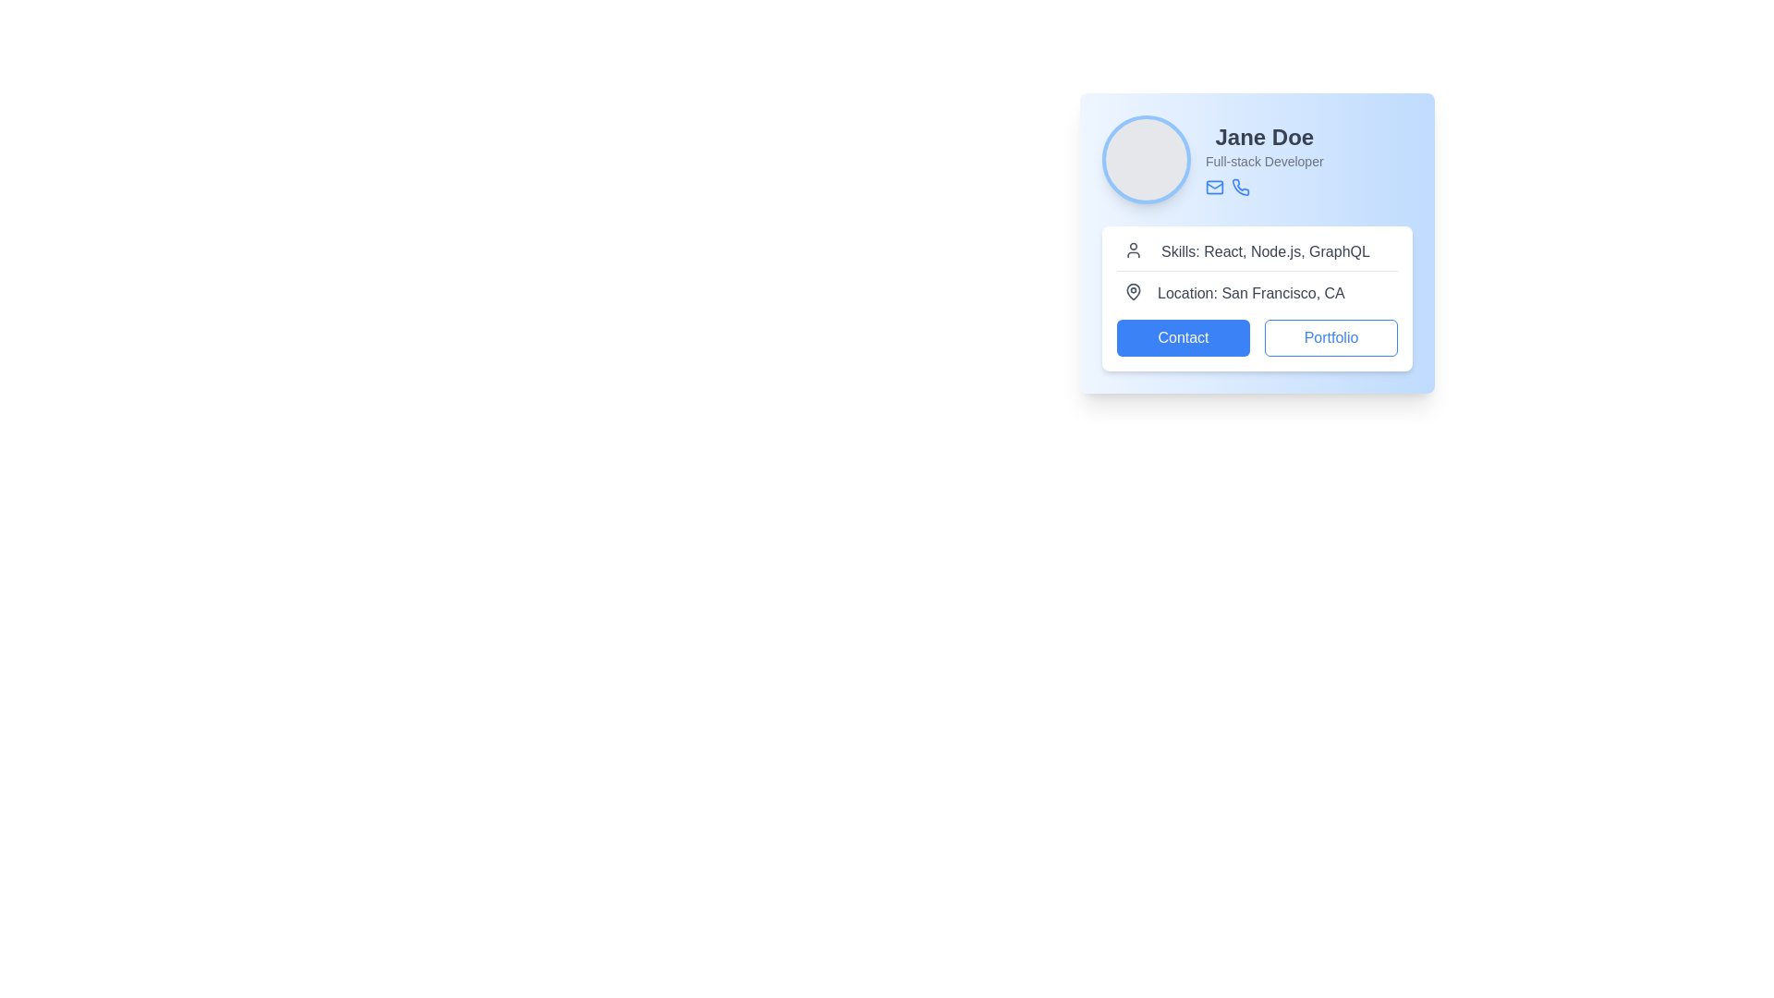  Describe the element at coordinates (1263, 160) in the screenshot. I see `the text label displaying 'Full-stack Developer' located beneath the name 'Jane Doe' in the user profile card` at that location.